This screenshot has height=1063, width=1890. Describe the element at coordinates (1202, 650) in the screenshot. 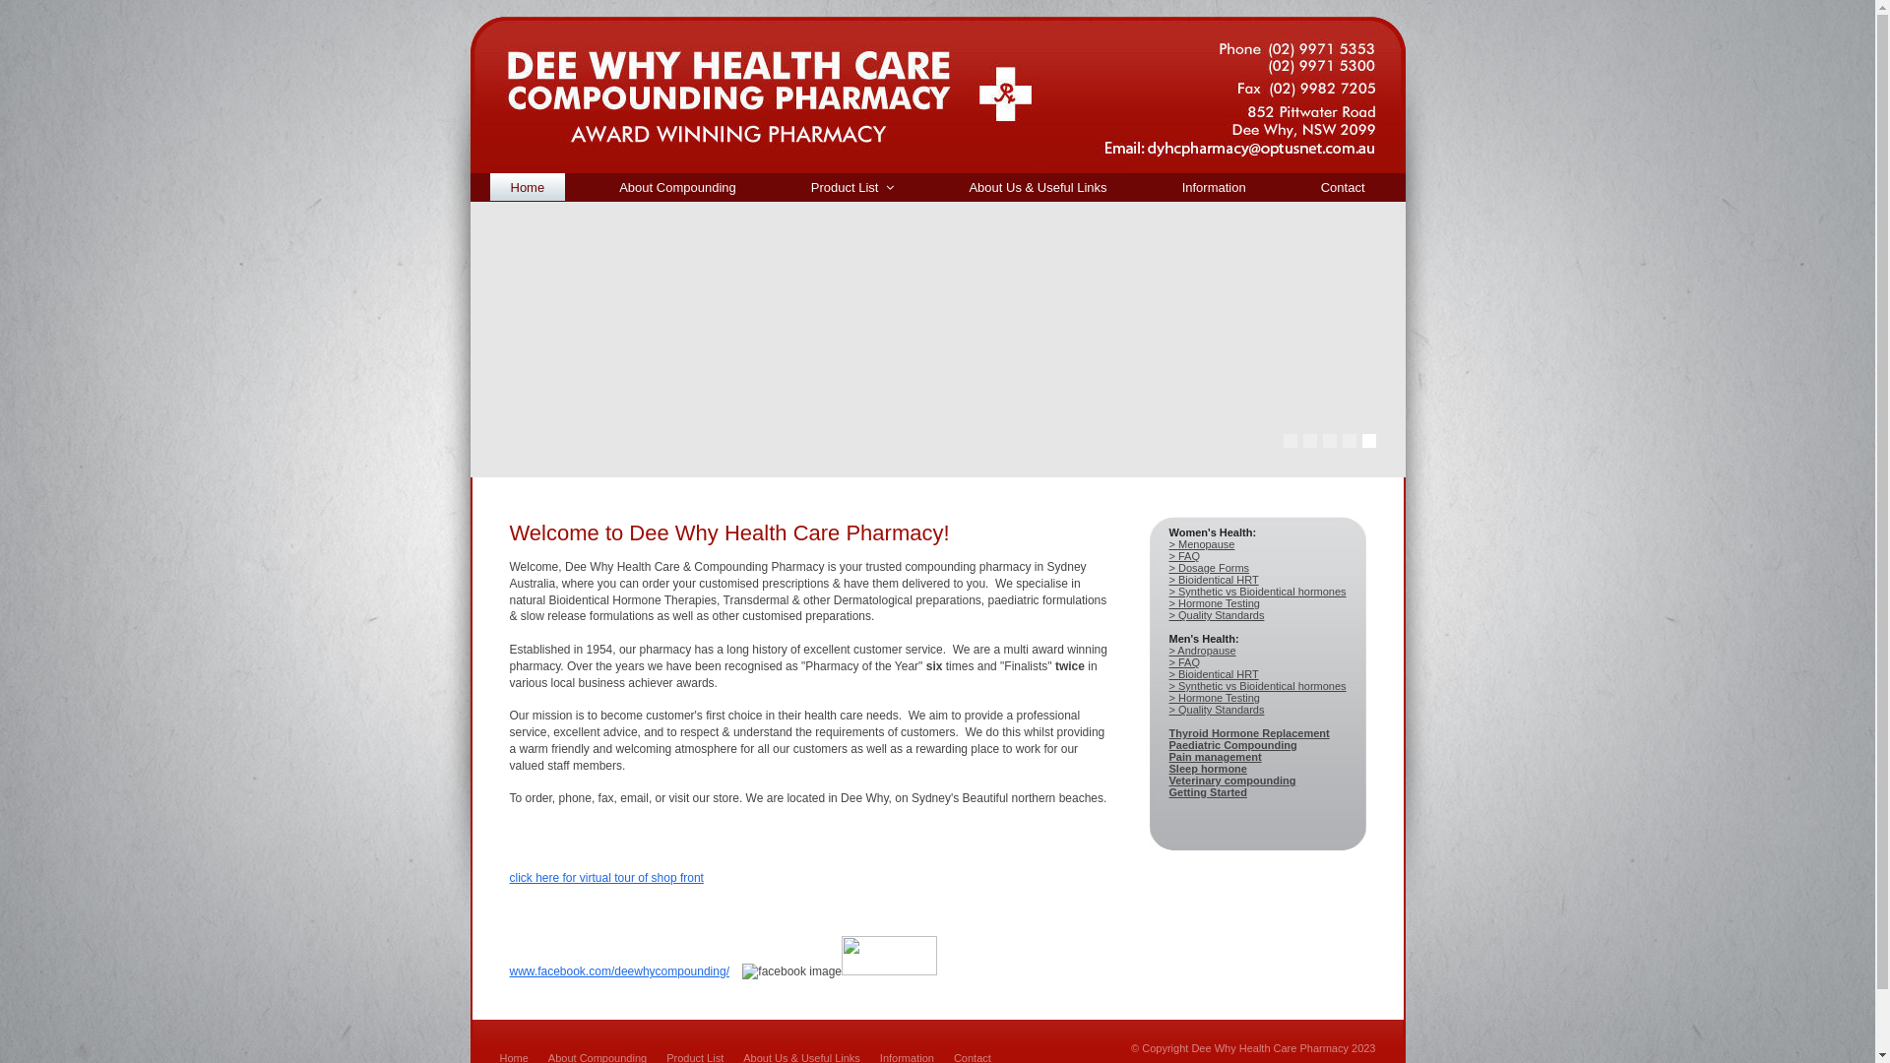

I see `'> Andropause'` at that location.